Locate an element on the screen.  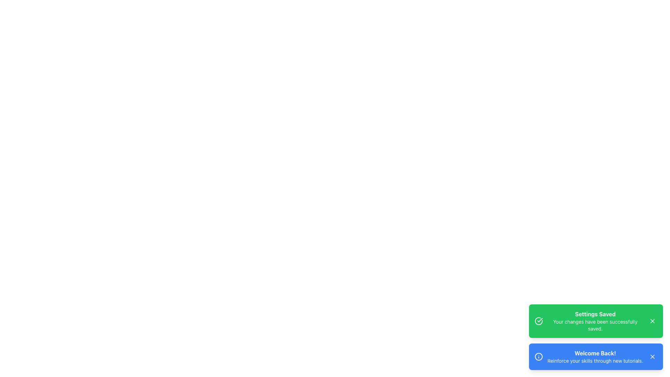
the green circular icon with a checkmark located at the leftmost side of the notification banner titled 'Settings Saved' is located at coordinates (538, 321).